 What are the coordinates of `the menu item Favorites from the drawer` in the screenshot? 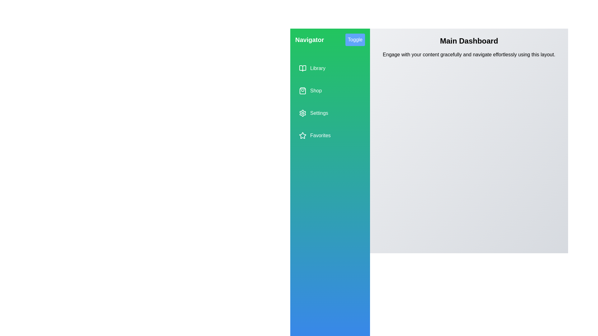 It's located at (330, 135).